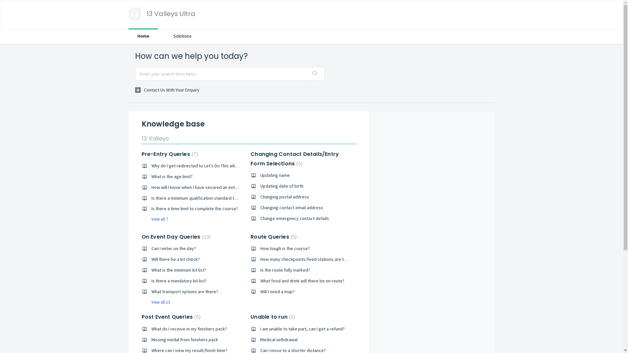 The height and width of the screenshot is (353, 628). Describe the element at coordinates (141, 316) in the screenshot. I see `'Post Event Queries 5'` at that location.